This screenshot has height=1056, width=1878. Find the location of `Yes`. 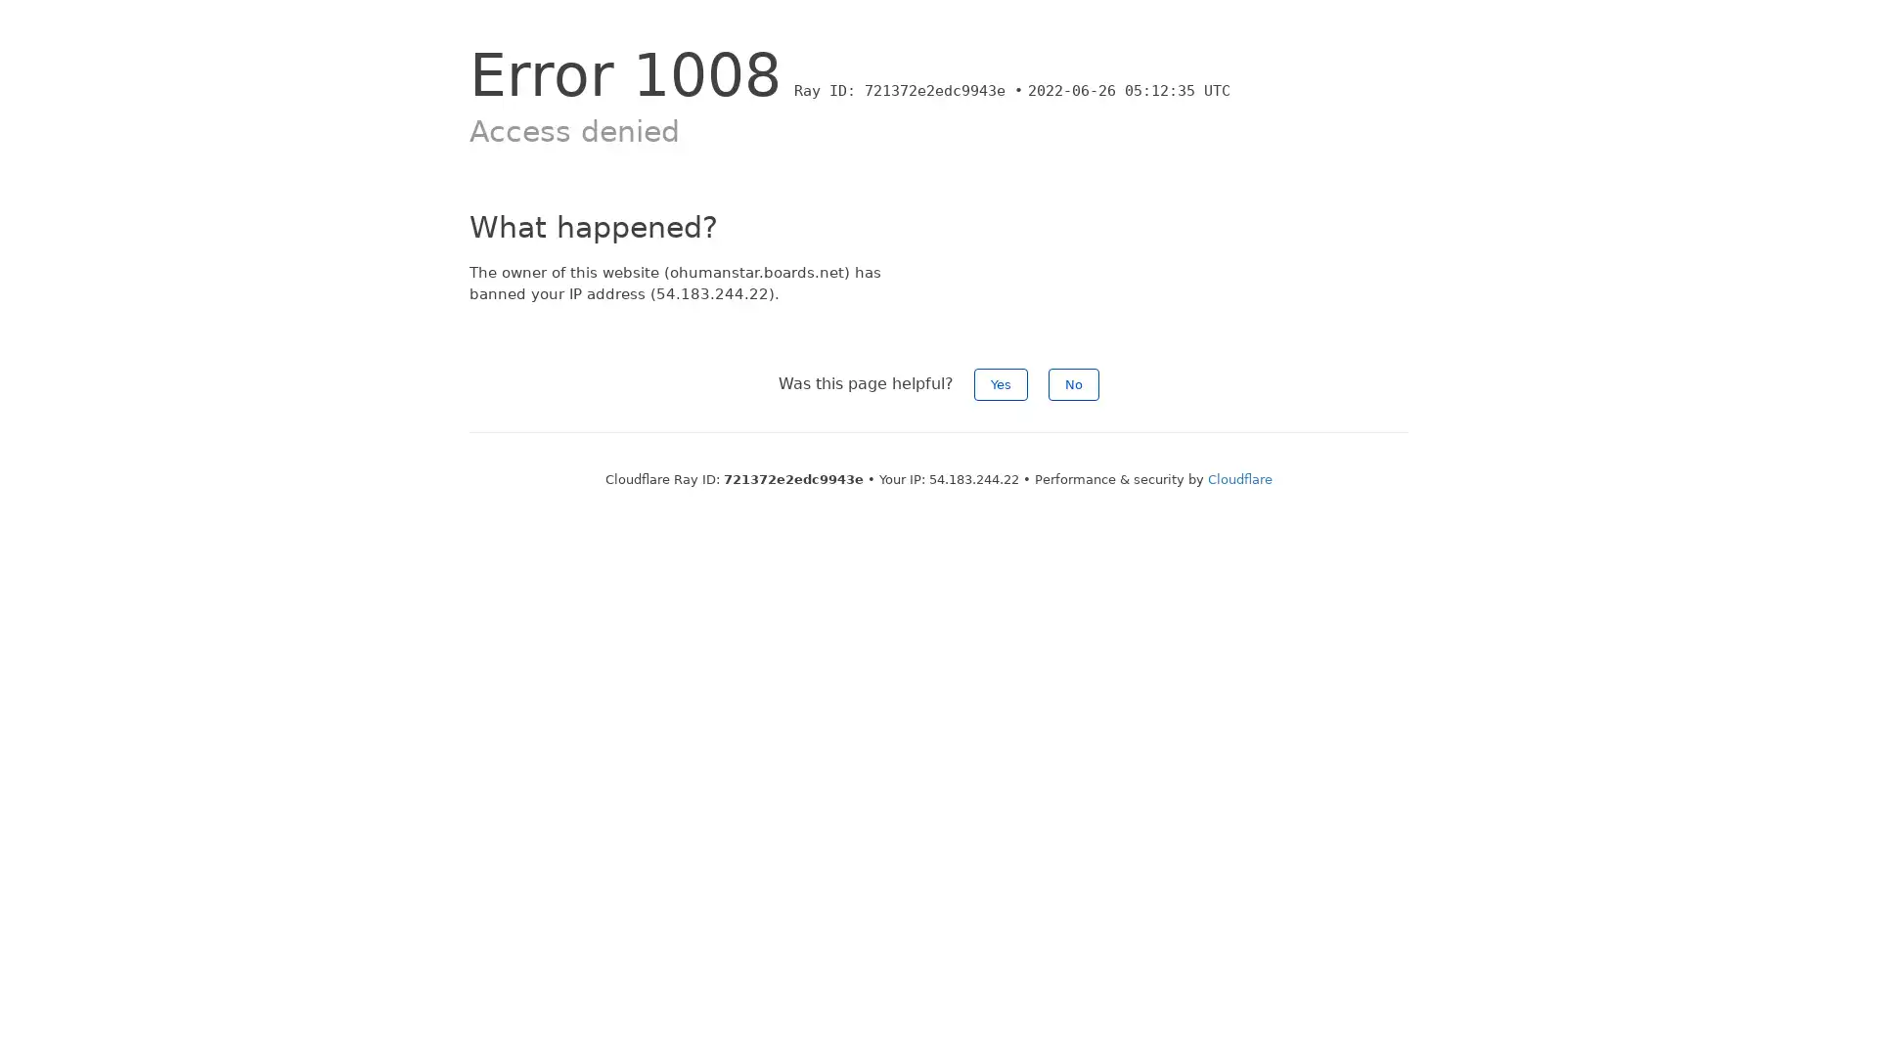

Yes is located at coordinates (1001, 383).